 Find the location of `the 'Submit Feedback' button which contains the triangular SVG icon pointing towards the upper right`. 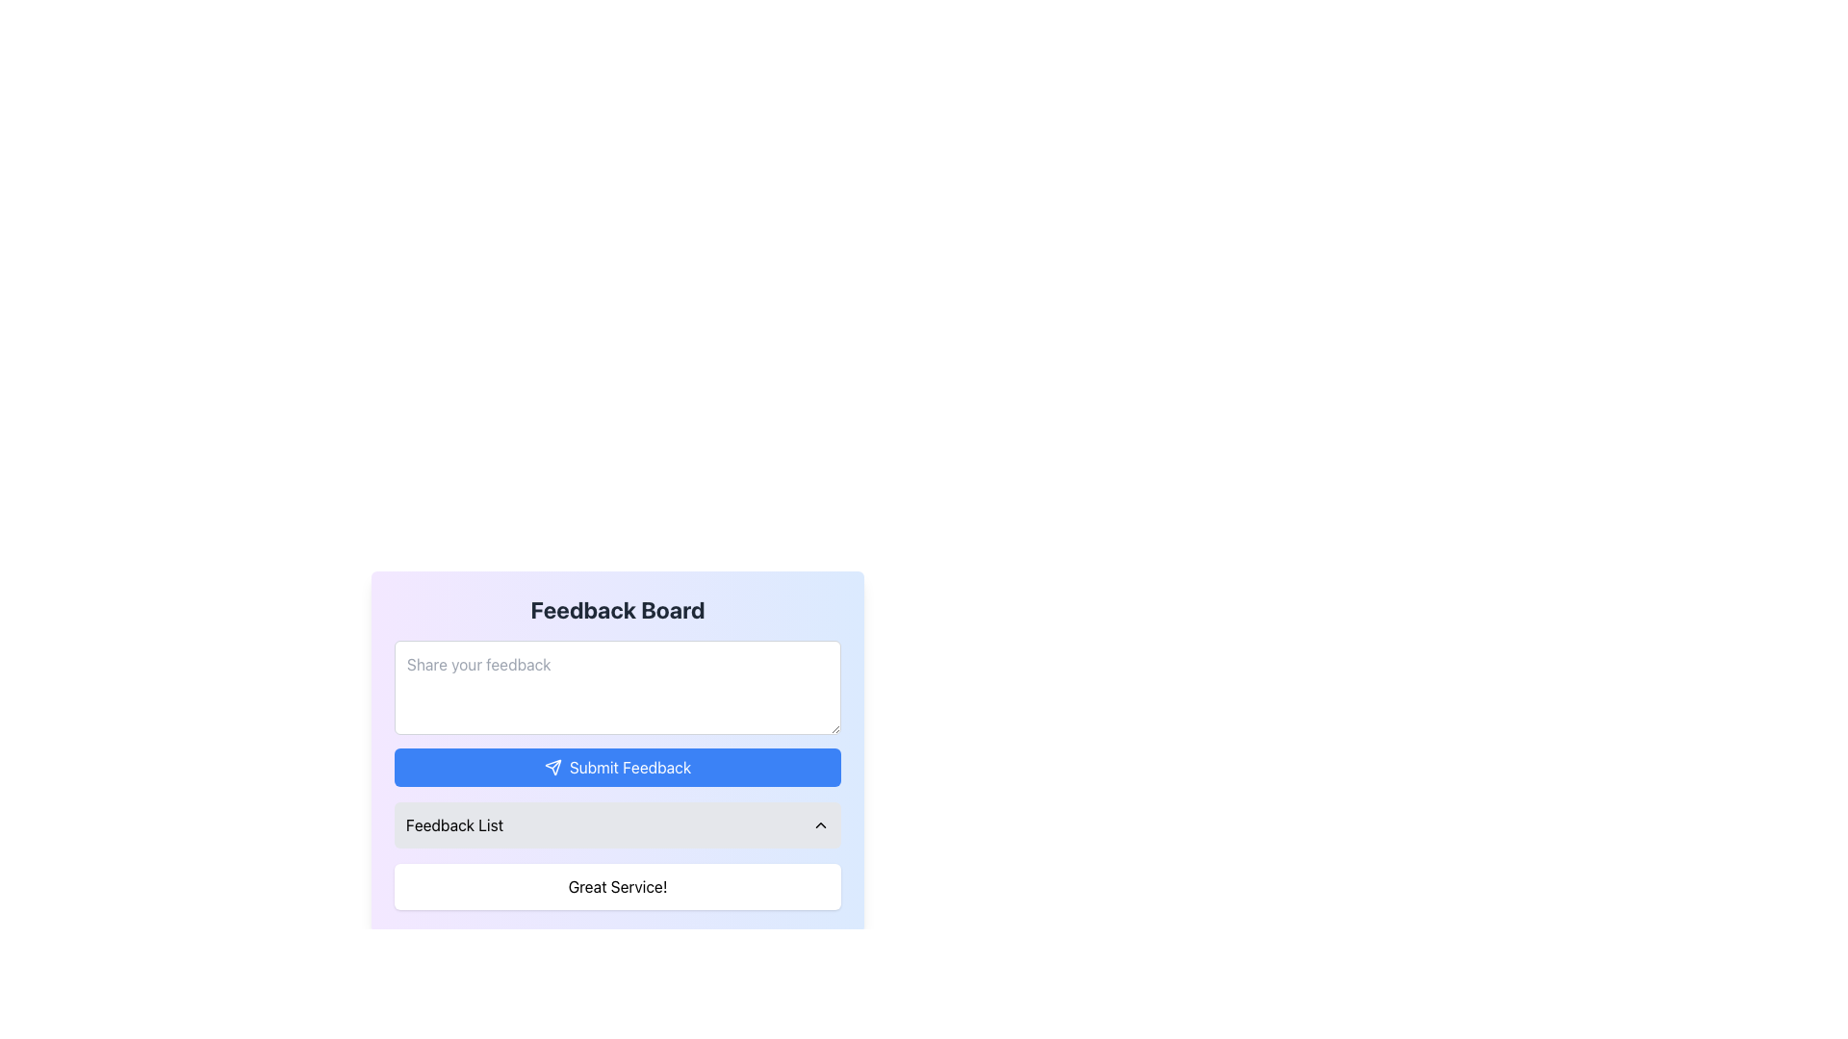

the 'Submit Feedback' button which contains the triangular SVG icon pointing towards the upper right is located at coordinates (552, 767).